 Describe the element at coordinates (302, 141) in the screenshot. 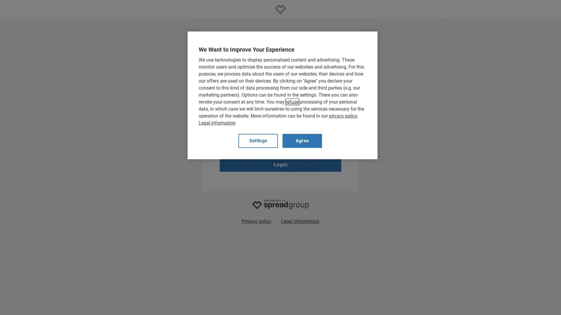

I see `Agree` at that location.